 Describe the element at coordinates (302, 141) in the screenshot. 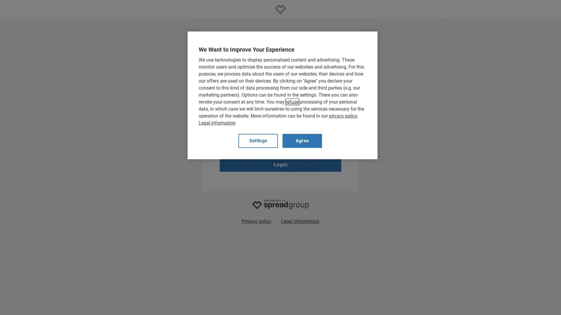

I see `Agree` at that location.